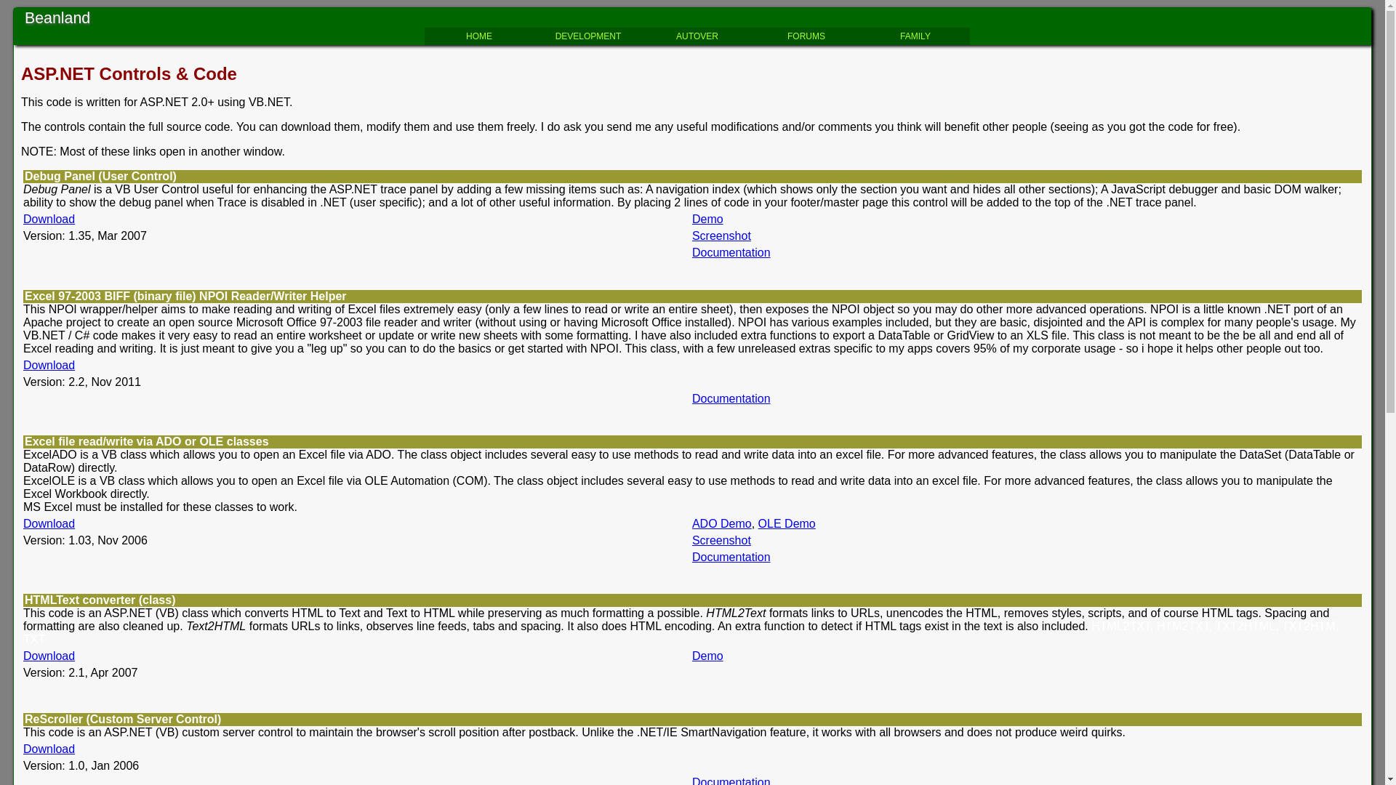 Image resolution: width=1396 pixels, height=785 pixels. Describe the element at coordinates (478, 36) in the screenshot. I see `'HOME'` at that location.